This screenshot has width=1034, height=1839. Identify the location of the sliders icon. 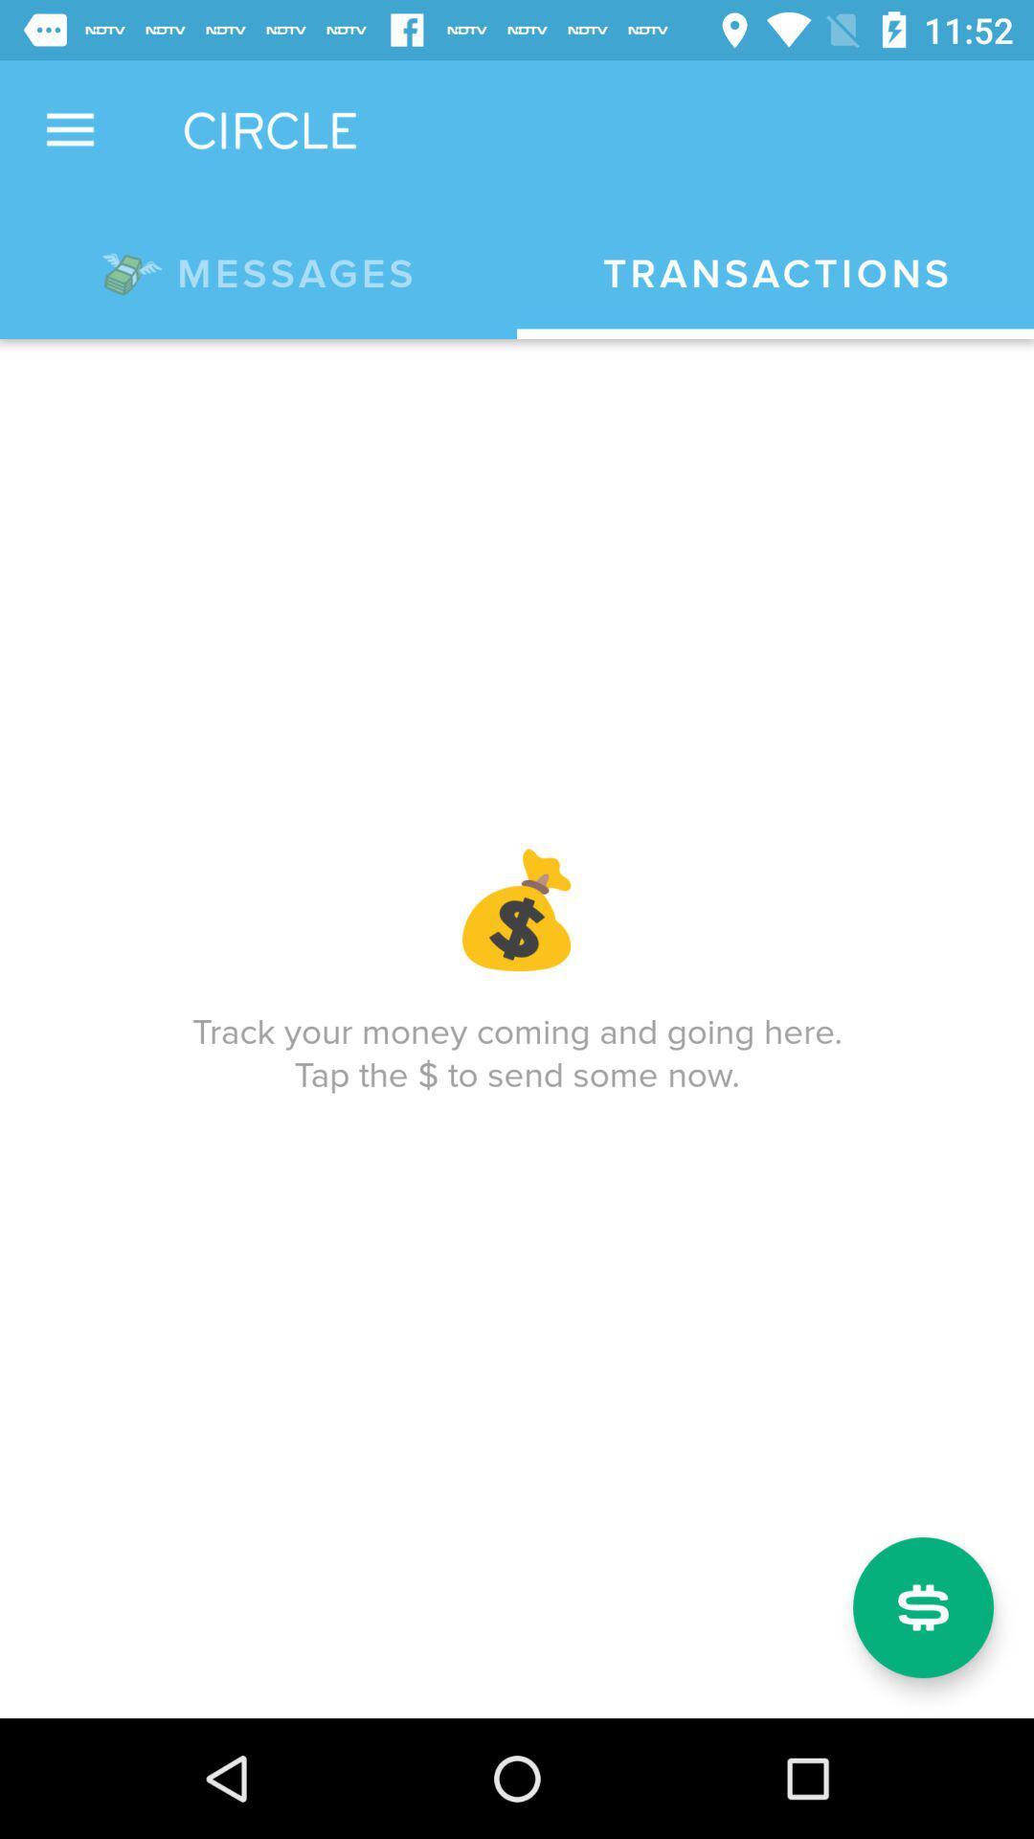
(922, 1607).